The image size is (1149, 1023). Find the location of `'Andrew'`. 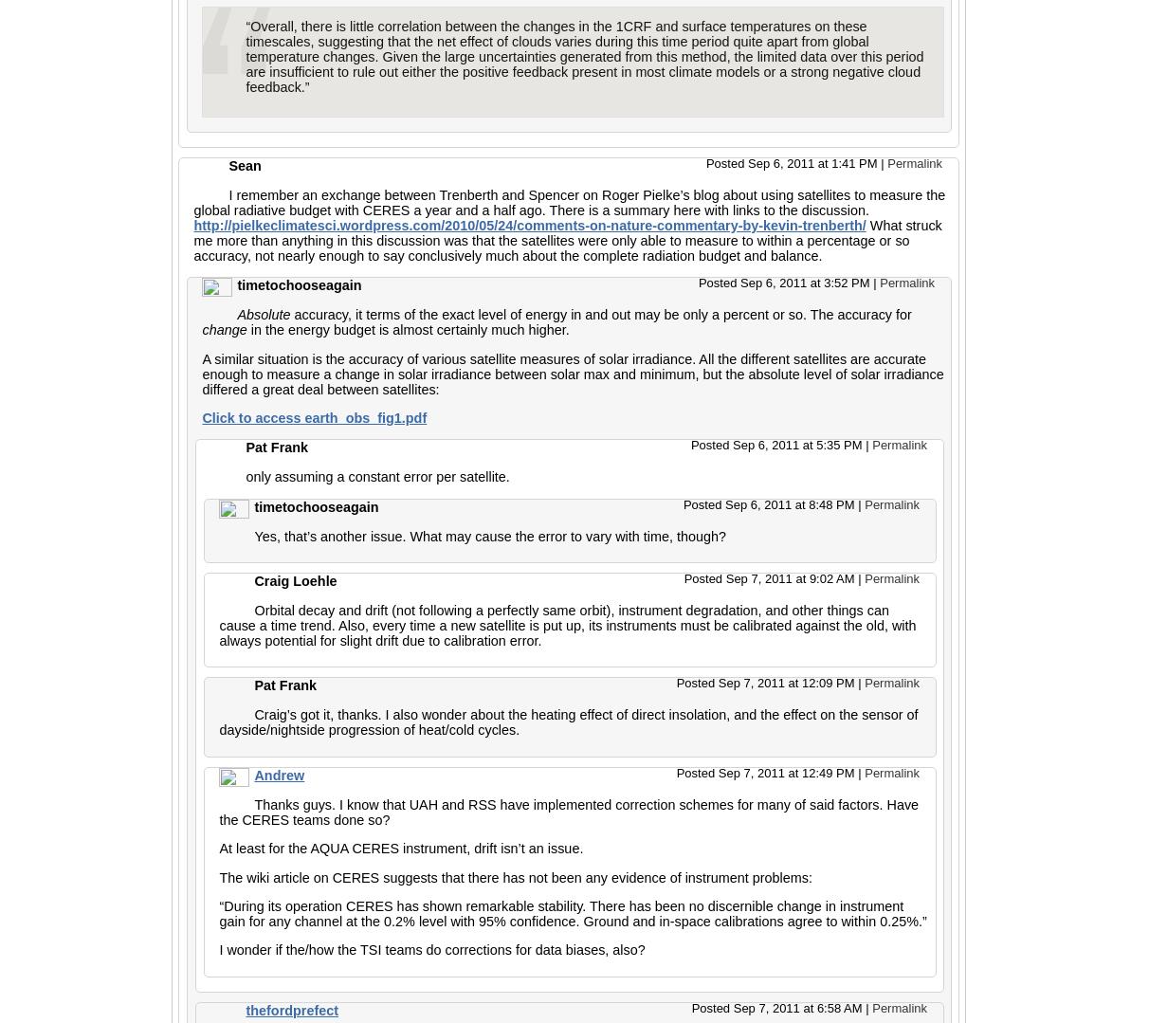

'Andrew' is located at coordinates (279, 774).